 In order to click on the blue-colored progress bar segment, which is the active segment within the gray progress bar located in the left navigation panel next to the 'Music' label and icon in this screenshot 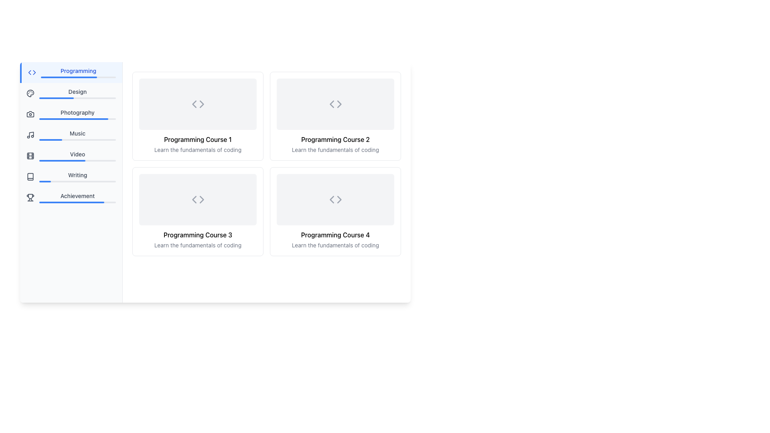, I will do `click(50, 139)`.